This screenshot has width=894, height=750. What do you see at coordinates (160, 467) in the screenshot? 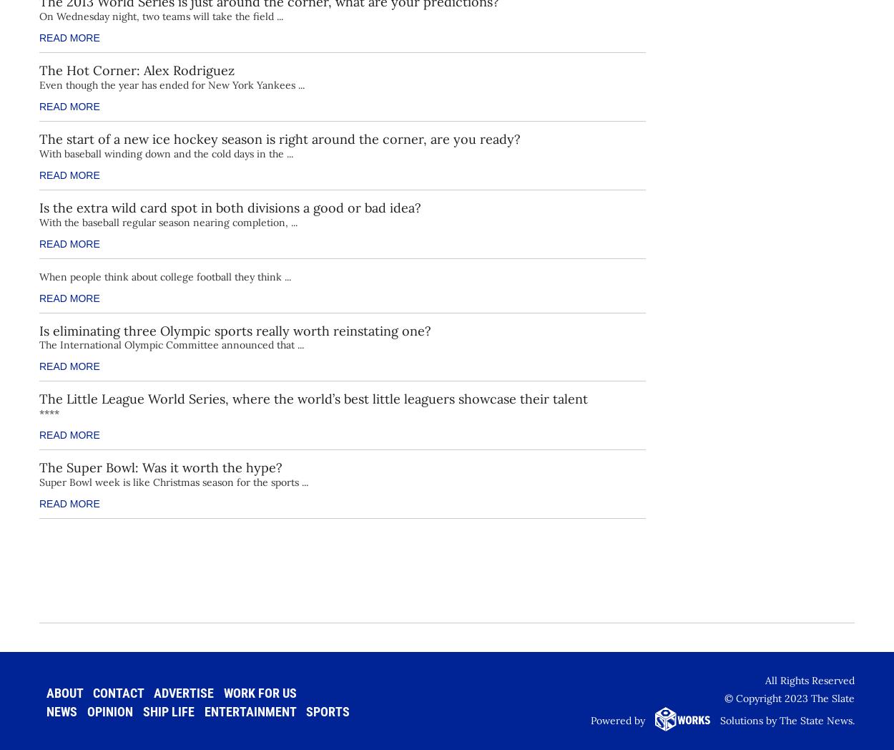
I see `'The Super Bowl: Was it worth the hype?'` at bounding box center [160, 467].